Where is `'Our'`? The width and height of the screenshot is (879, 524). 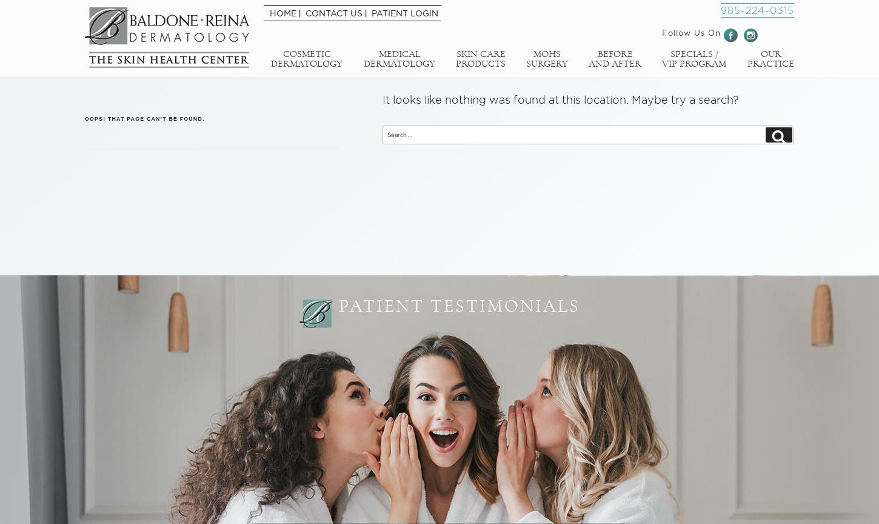
'Our' is located at coordinates (770, 53).